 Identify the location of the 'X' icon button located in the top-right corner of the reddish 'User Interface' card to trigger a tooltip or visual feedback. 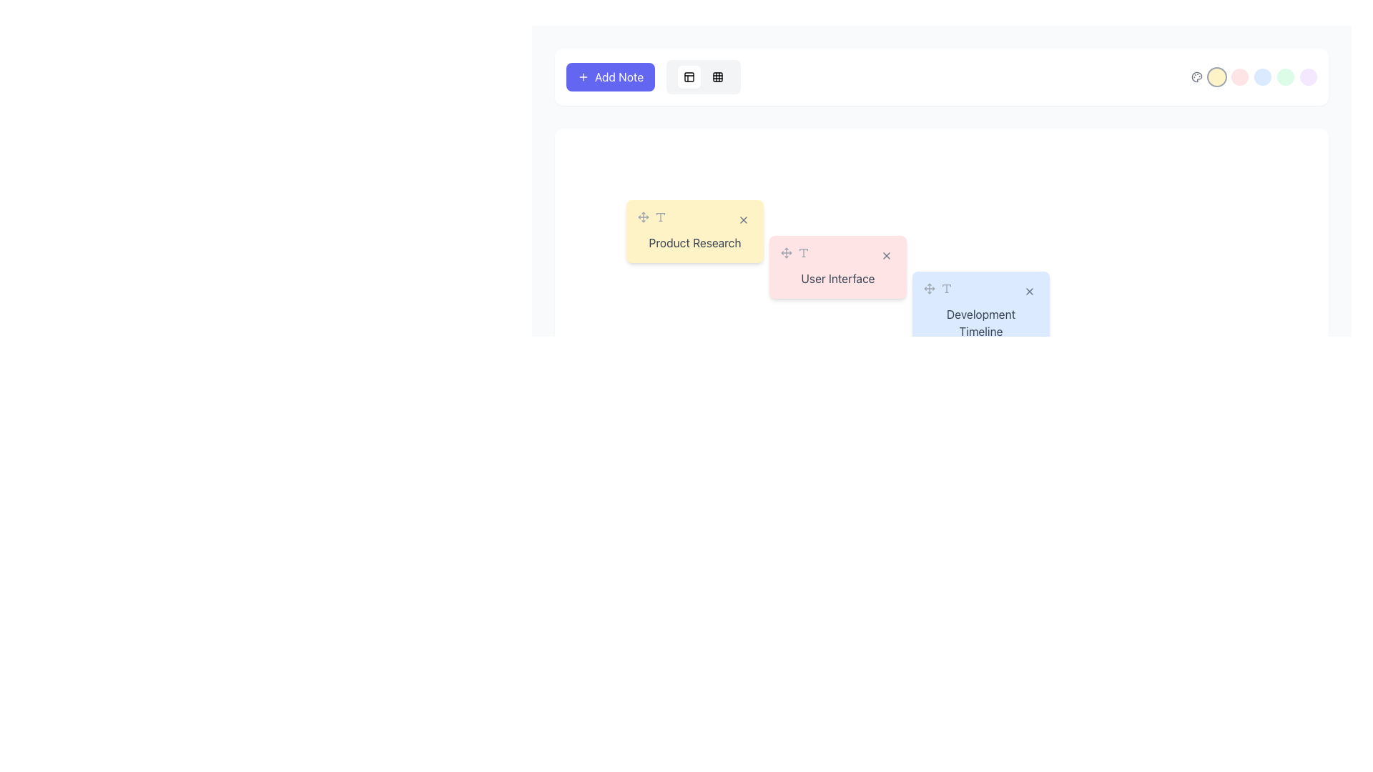
(885, 255).